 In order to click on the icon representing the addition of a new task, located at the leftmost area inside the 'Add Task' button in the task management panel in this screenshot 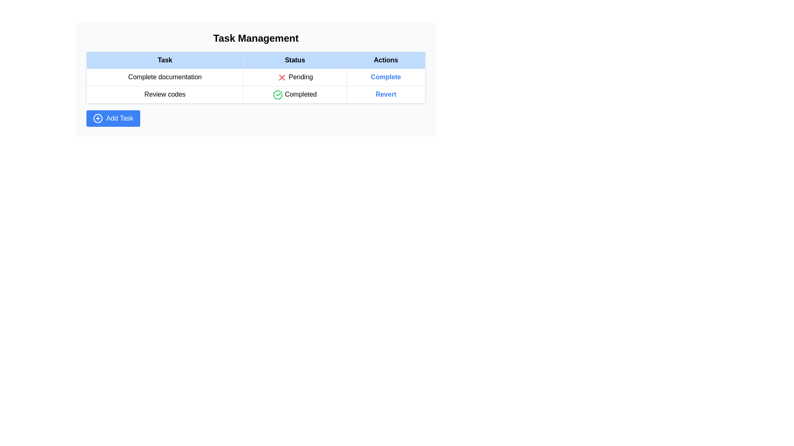, I will do `click(98, 118)`.